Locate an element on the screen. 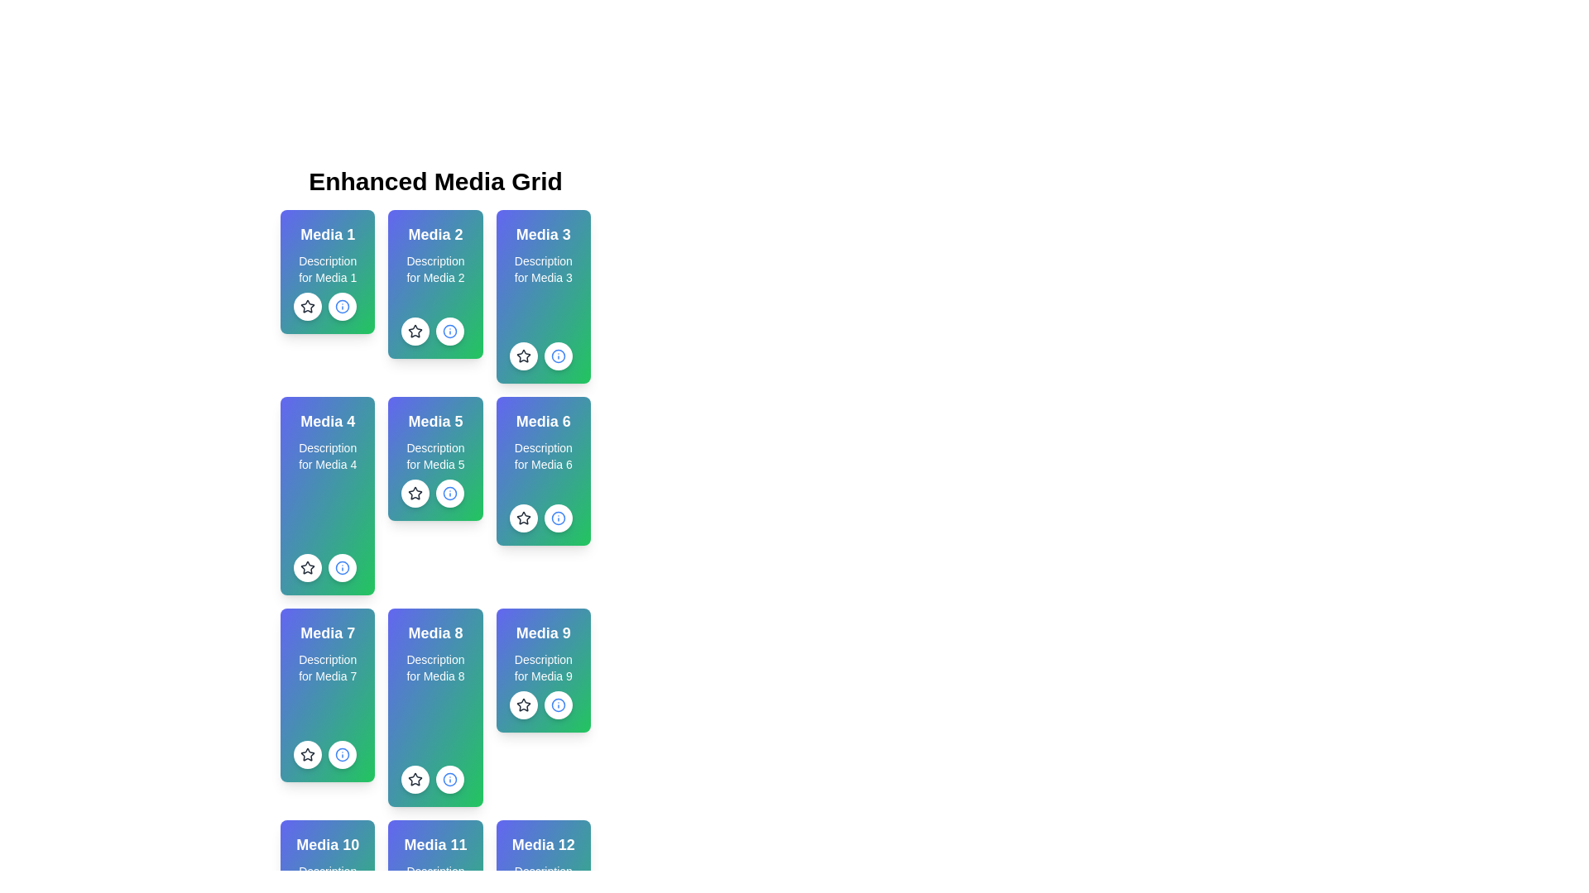  the descriptive subtitle text label located within the 'Media 8' card, which is the second text element below the title 'Media 8' is located at coordinates (435, 666).